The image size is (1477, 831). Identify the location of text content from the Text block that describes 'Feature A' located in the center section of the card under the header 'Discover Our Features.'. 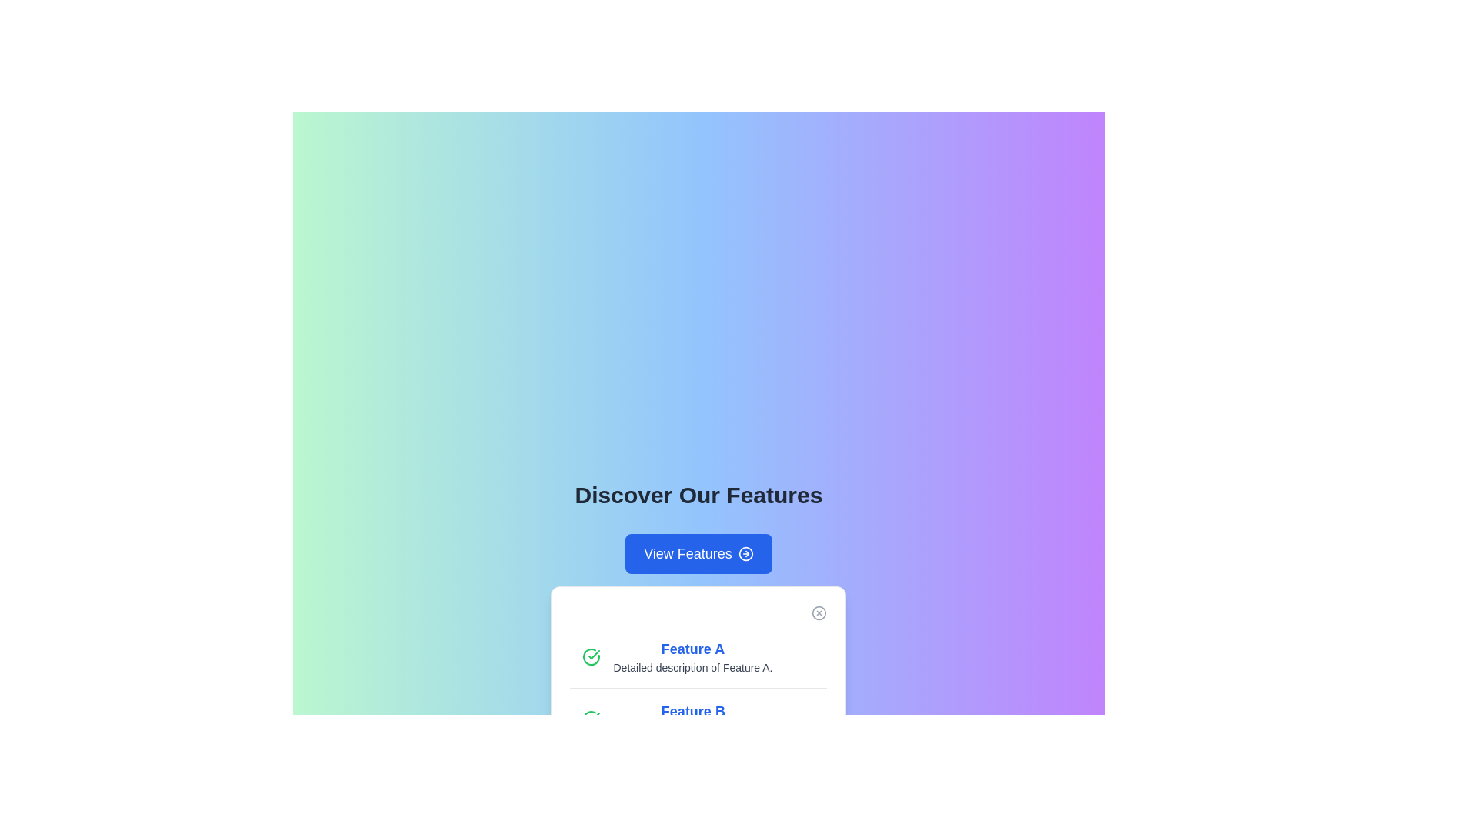
(692, 656).